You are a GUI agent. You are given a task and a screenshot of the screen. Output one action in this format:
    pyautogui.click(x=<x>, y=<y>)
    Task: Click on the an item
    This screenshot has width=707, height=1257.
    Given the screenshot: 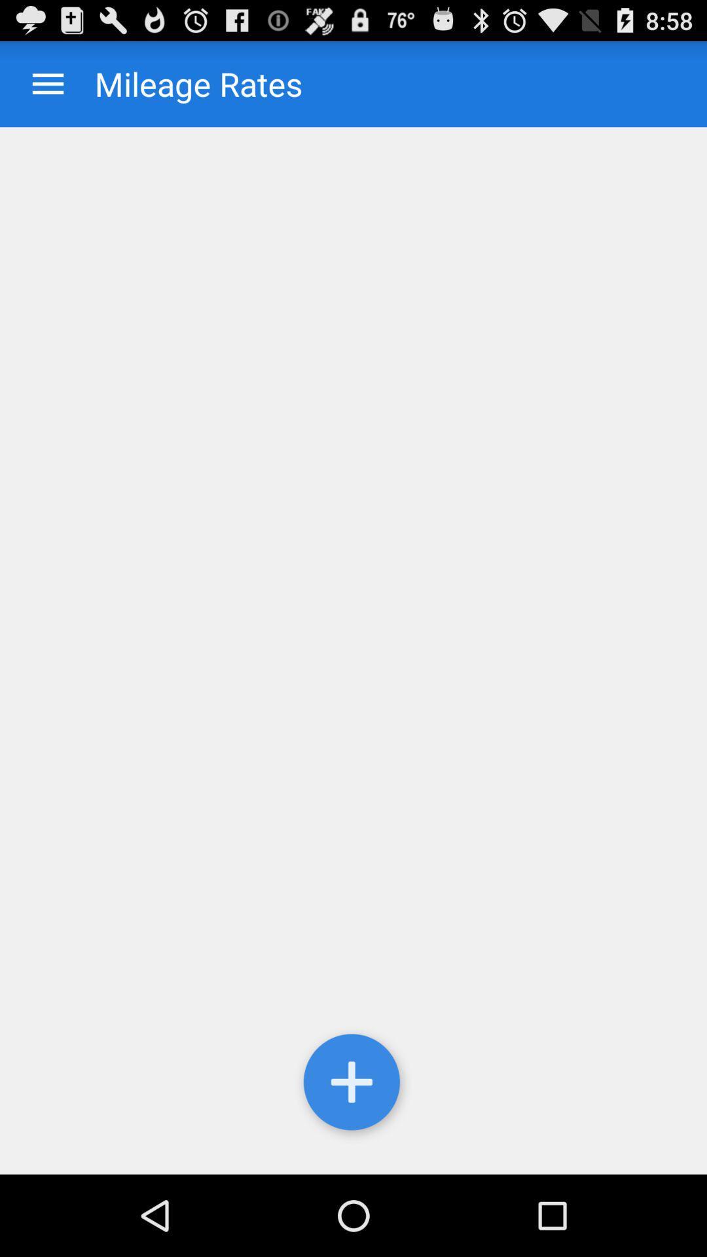 What is the action you would take?
    pyautogui.click(x=353, y=651)
    